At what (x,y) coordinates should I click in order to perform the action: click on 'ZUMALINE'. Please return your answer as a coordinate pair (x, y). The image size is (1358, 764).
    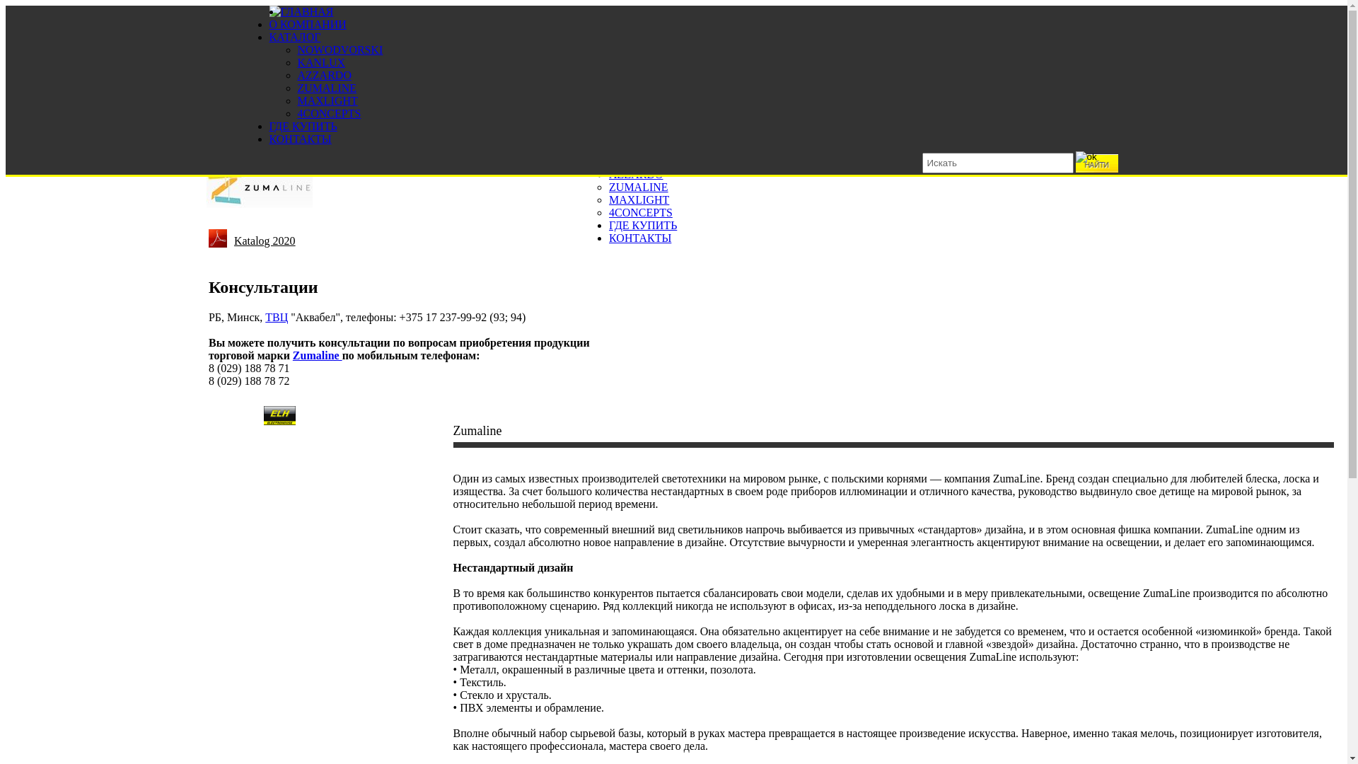
    Looking at the image, I should click on (325, 88).